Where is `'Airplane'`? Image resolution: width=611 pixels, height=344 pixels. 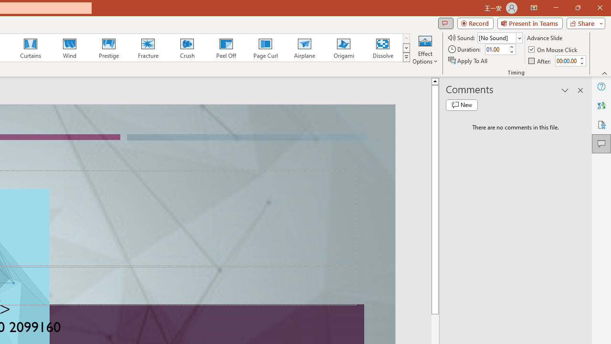
'Airplane' is located at coordinates (304, 48).